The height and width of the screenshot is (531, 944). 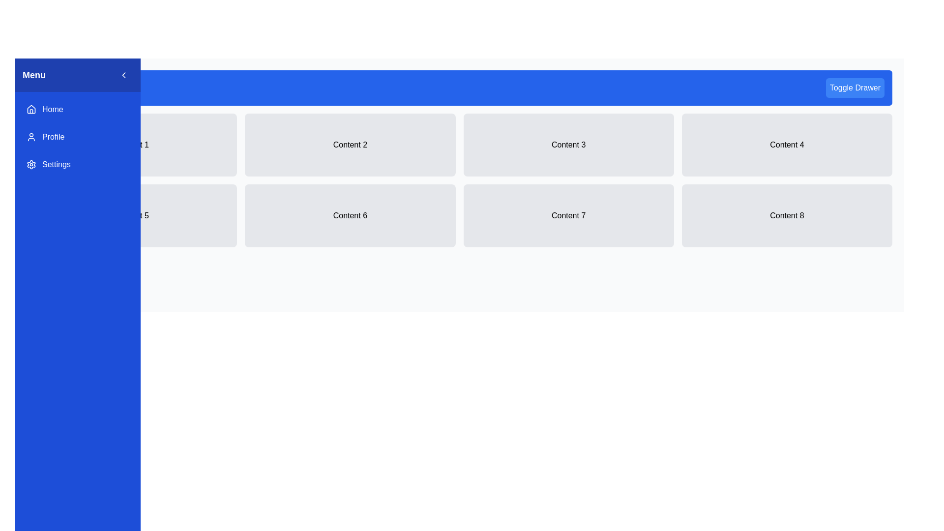 What do you see at coordinates (56, 164) in the screenshot?
I see `the 'Settings' text label in the vertical navigation menu` at bounding box center [56, 164].